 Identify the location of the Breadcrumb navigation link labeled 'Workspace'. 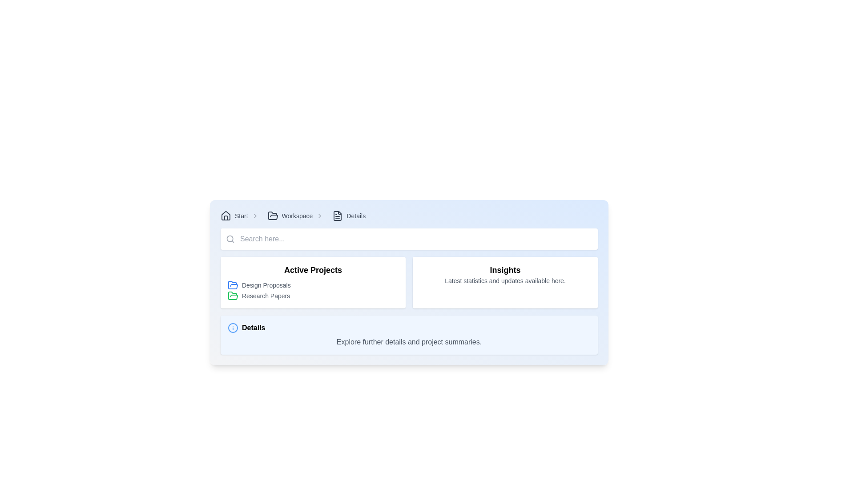
(290, 216).